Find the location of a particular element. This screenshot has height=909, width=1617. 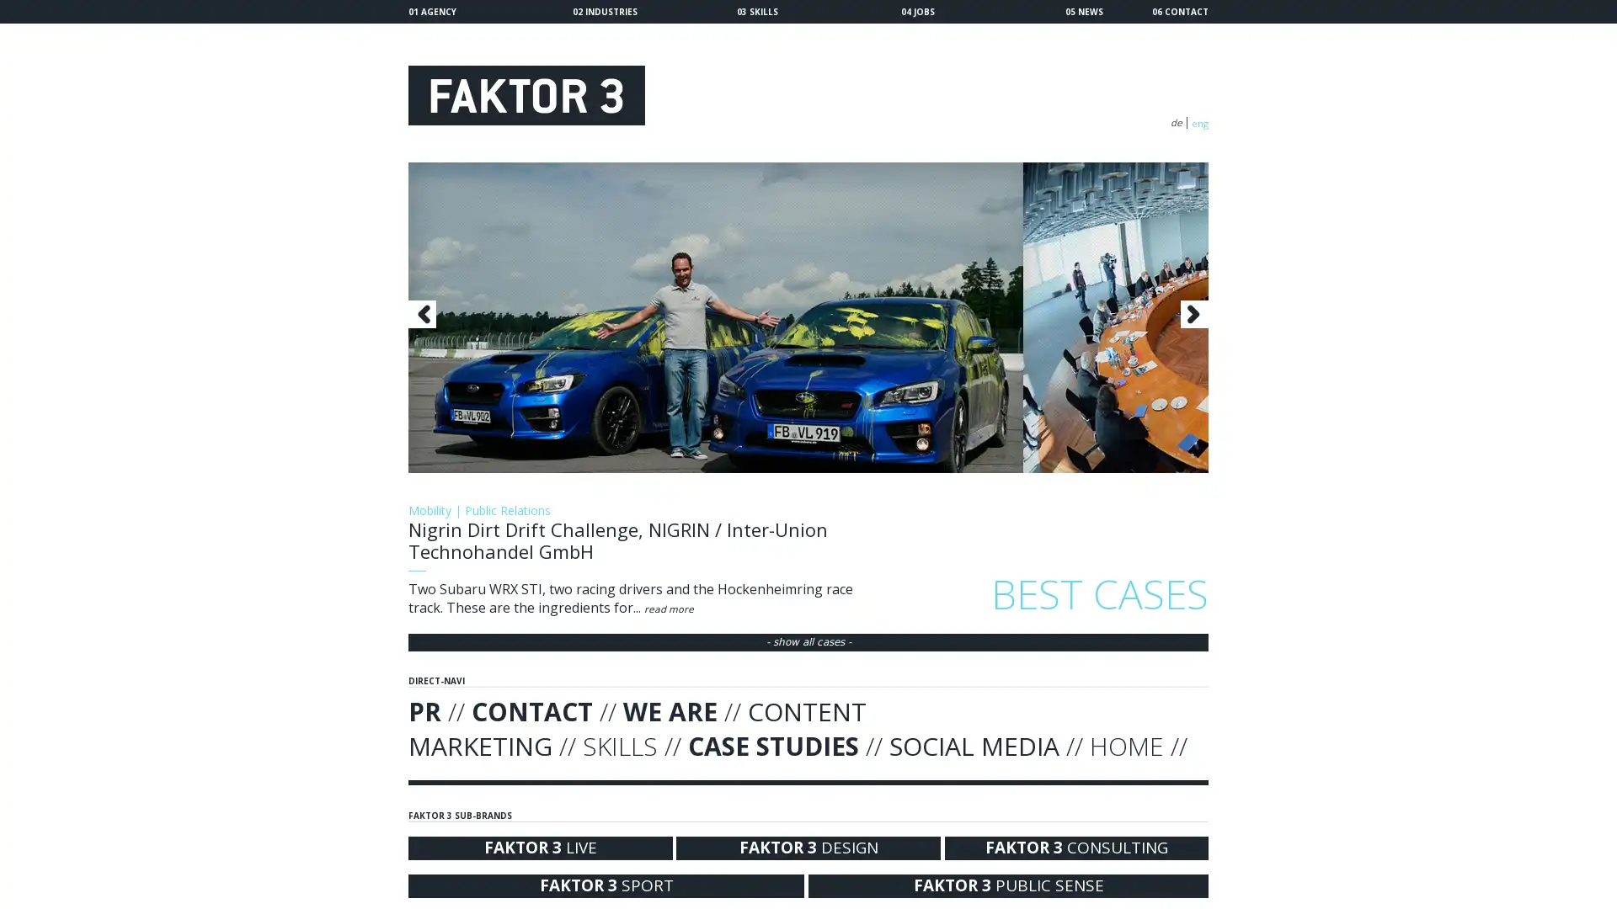

02 INDUSTRIES is located at coordinates (605, 12).